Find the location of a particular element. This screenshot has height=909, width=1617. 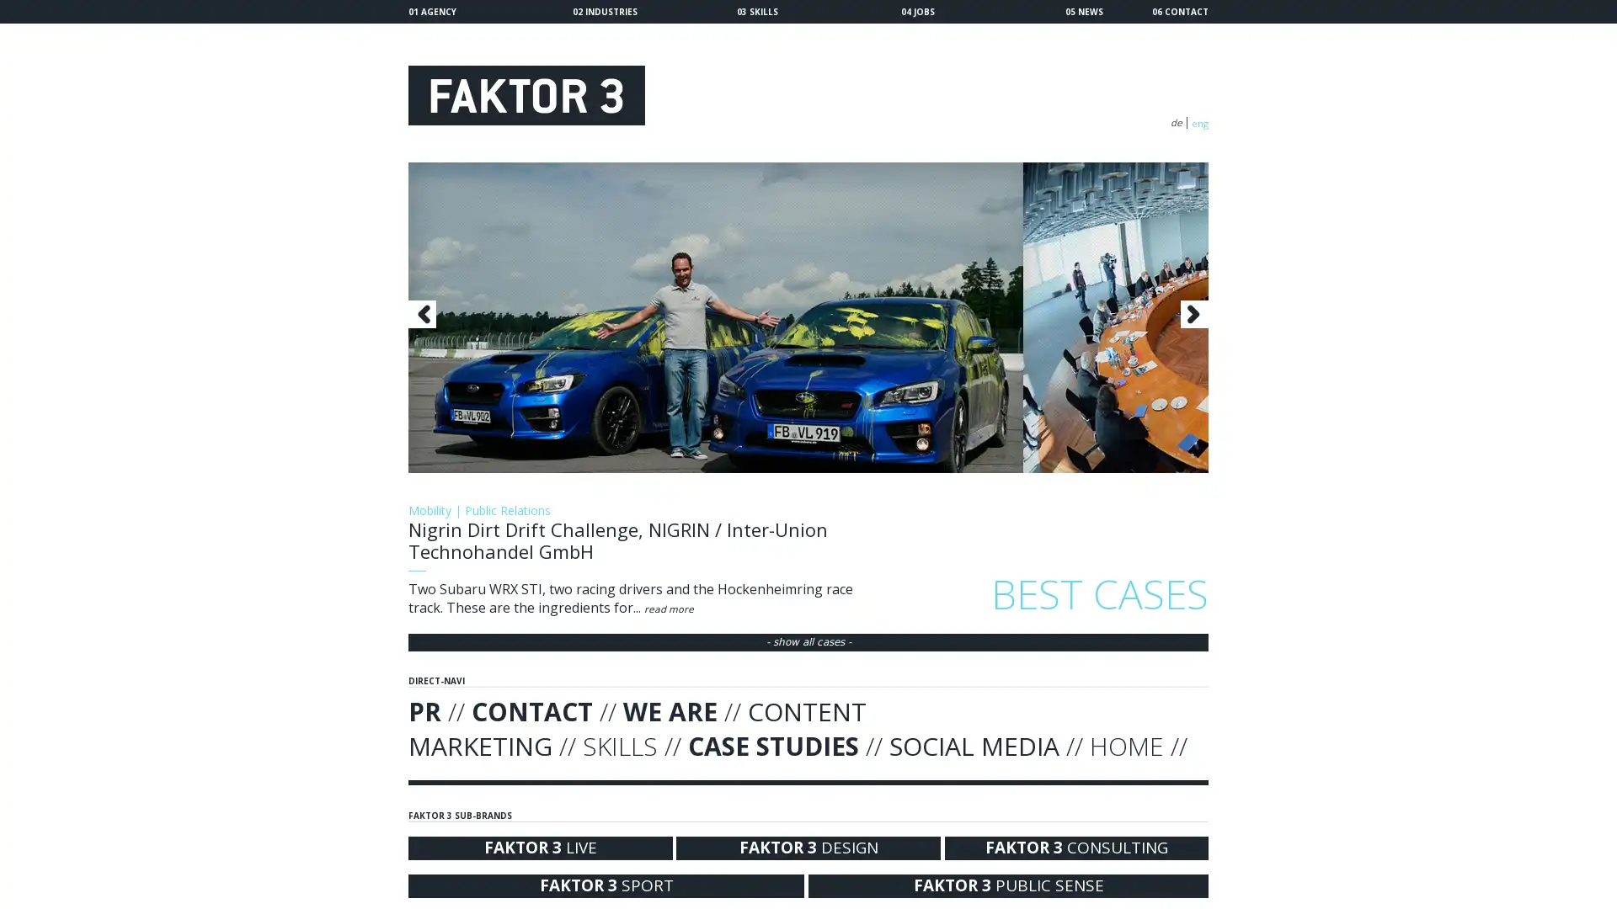

02 INDUSTRIES is located at coordinates (605, 12).